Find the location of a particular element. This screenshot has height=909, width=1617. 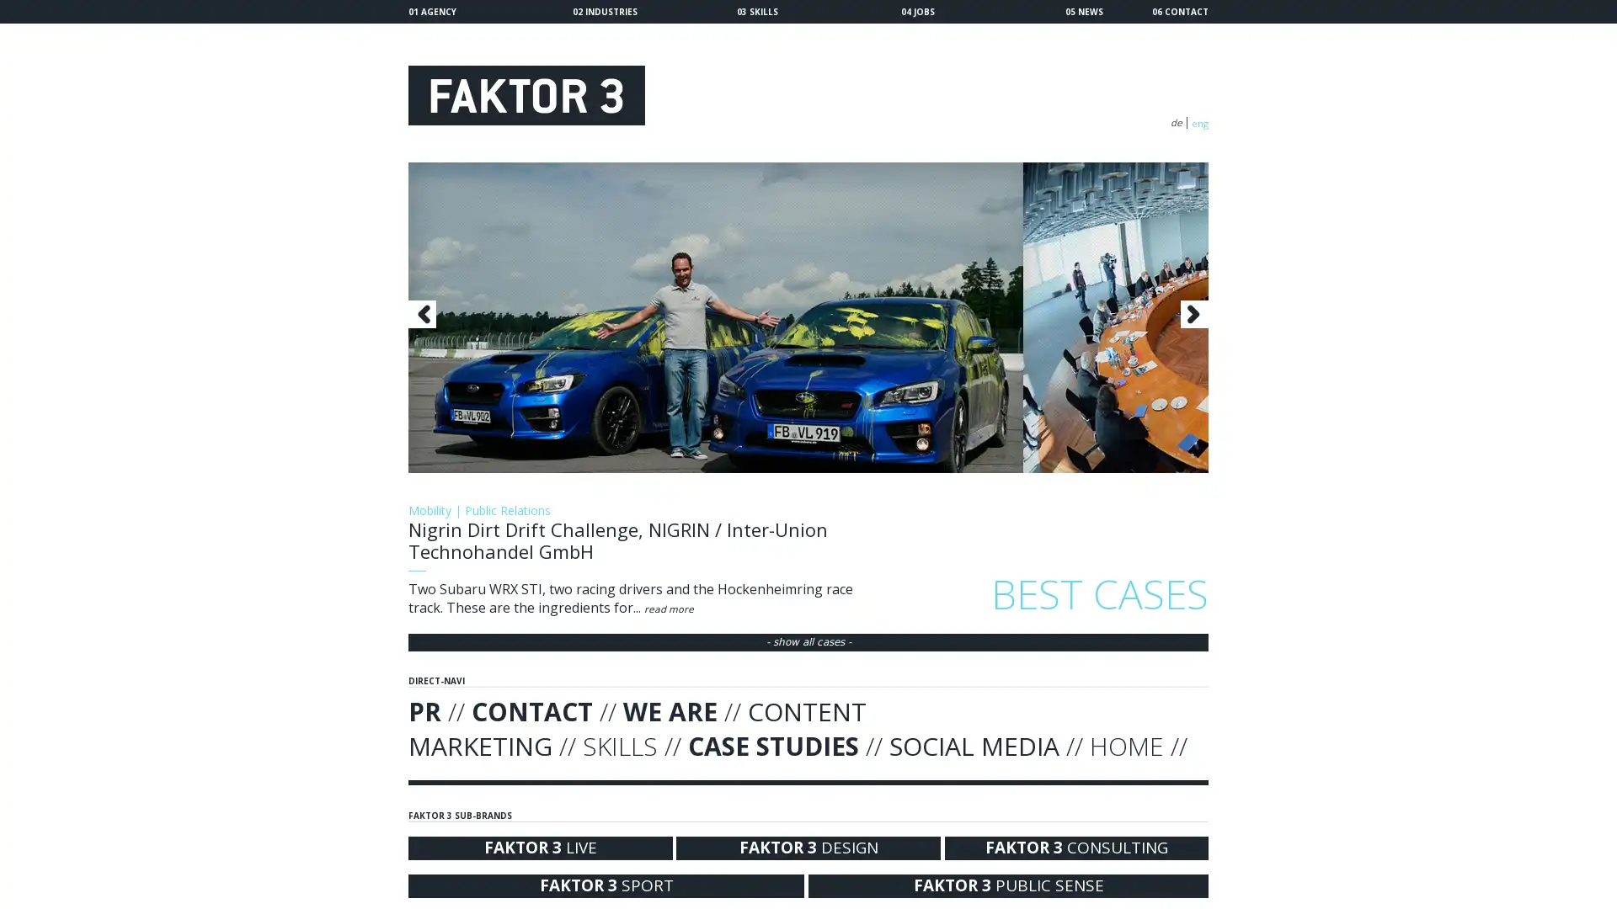

02 INDUSTRIES is located at coordinates (605, 12).